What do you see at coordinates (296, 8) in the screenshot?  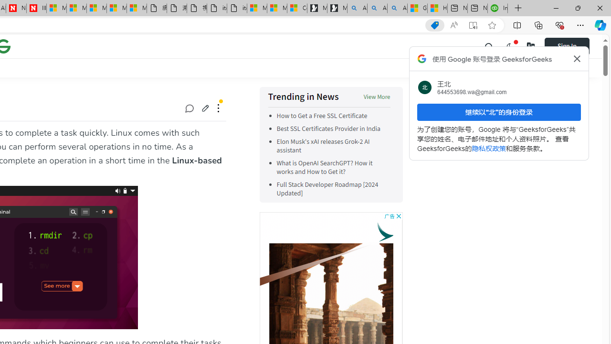 I see `'Consumer Health Data Privacy Policy'` at bounding box center [296, 8].